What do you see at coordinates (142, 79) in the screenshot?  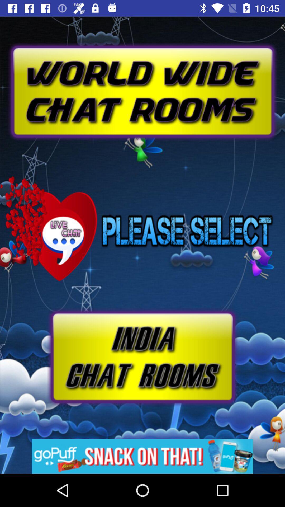 I see `advertisent page` at bounding box center [142, 79].